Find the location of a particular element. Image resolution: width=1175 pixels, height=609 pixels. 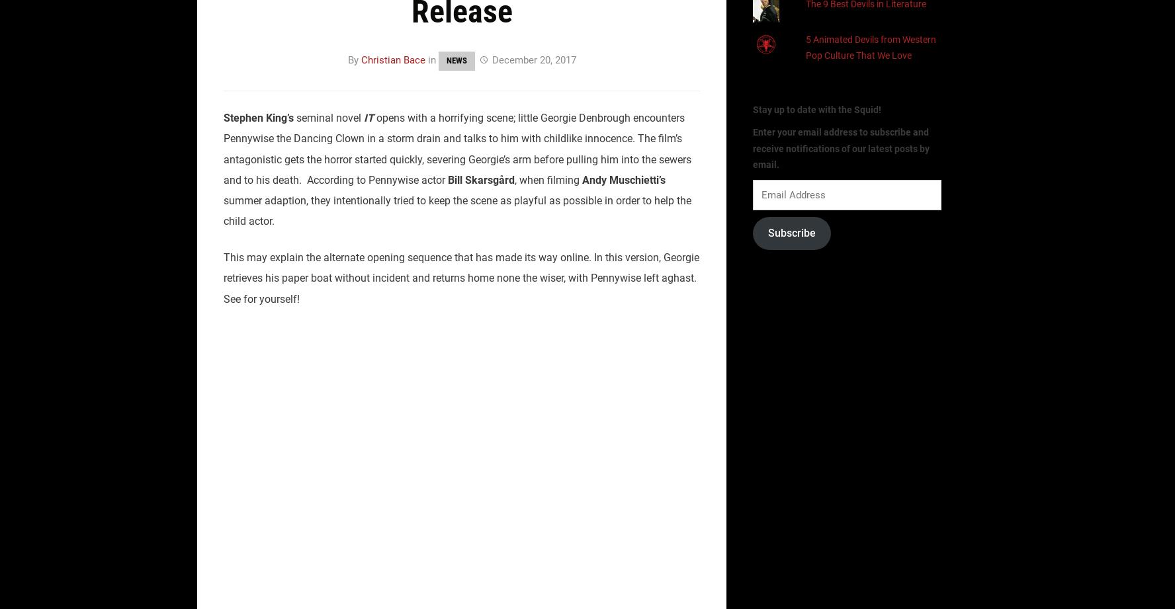

'Stephen' is located at coordinates (242, 117).